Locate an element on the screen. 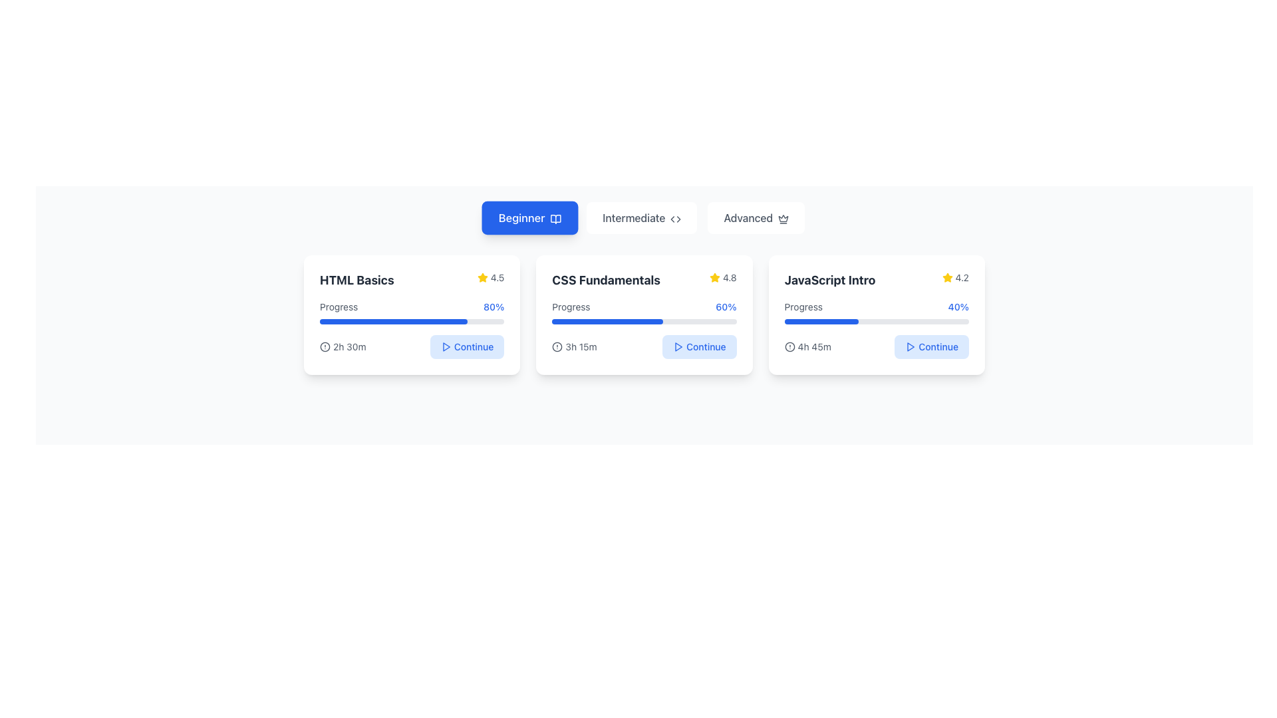  the decorative SVG Icon that indicates the 'Beginner' level, which is centrally positioned within the blue 'Beginner' button is located at coordinates (556, 218).